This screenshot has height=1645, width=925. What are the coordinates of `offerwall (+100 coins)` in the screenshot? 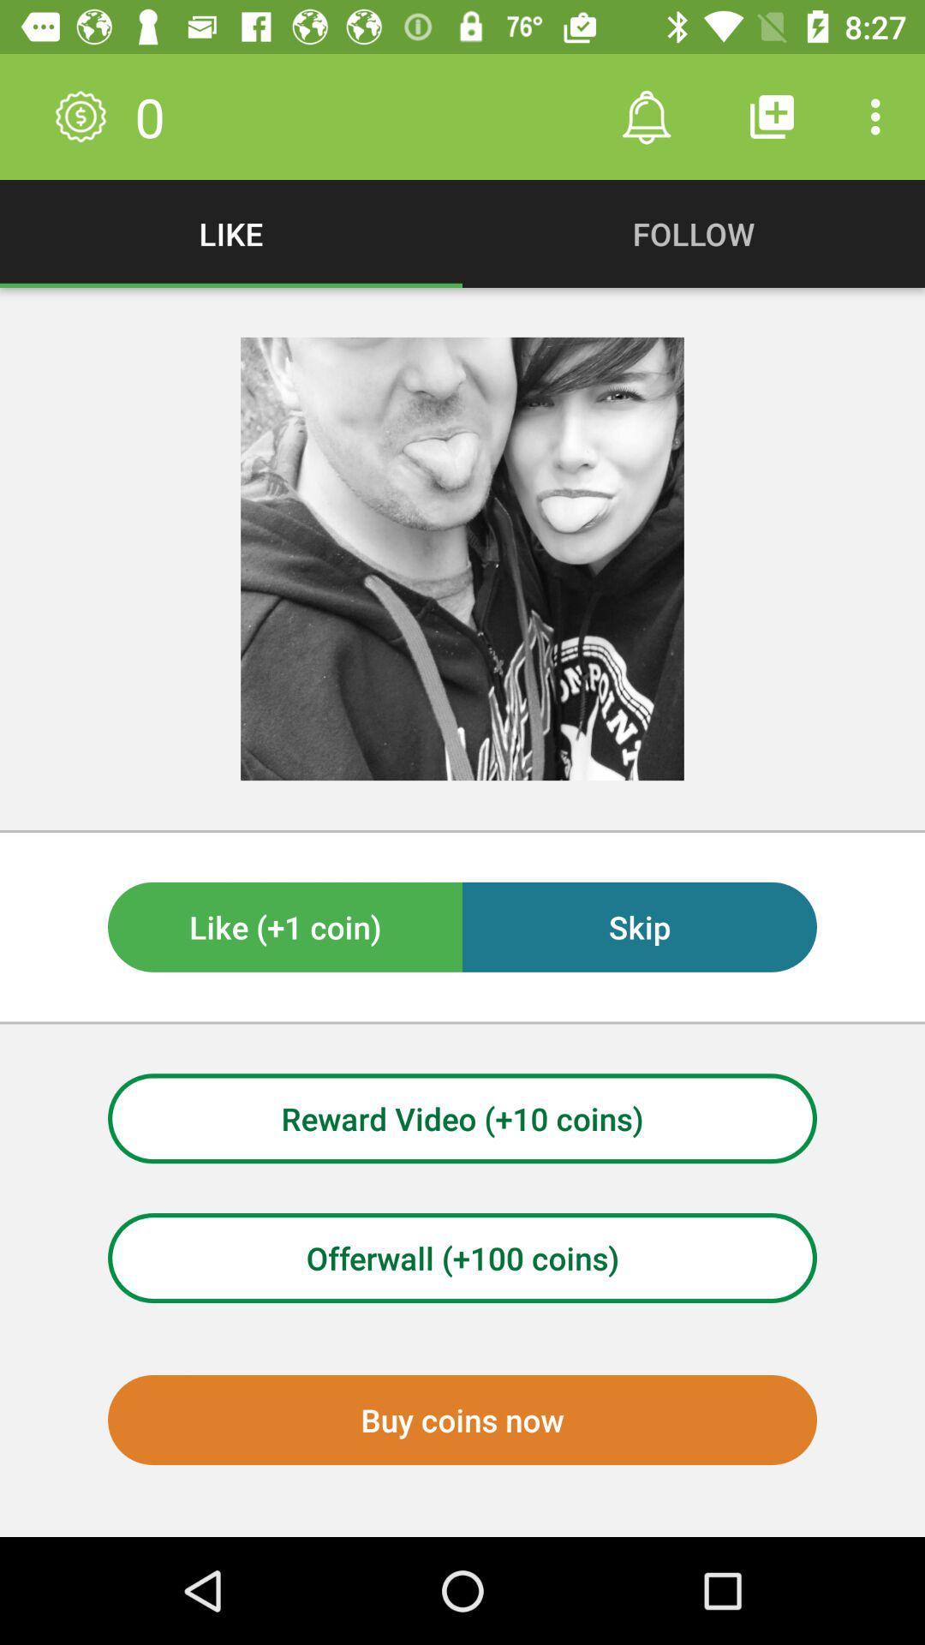 It's located at (462, 1258).